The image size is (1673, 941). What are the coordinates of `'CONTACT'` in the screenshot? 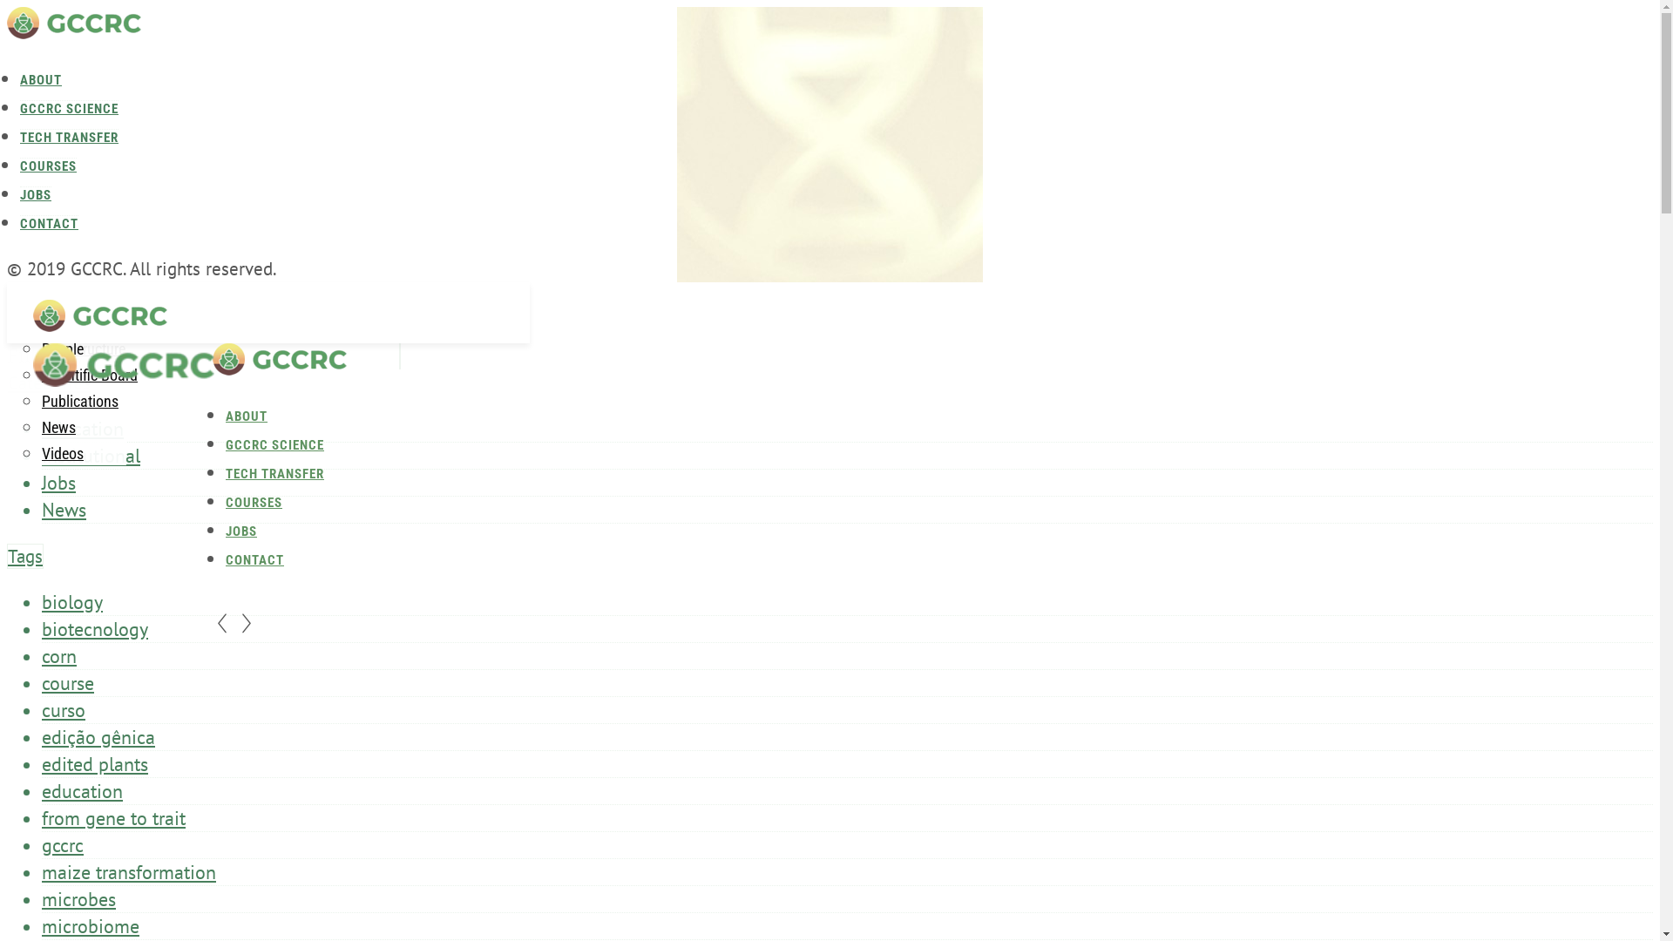 It's located at (20, 222).